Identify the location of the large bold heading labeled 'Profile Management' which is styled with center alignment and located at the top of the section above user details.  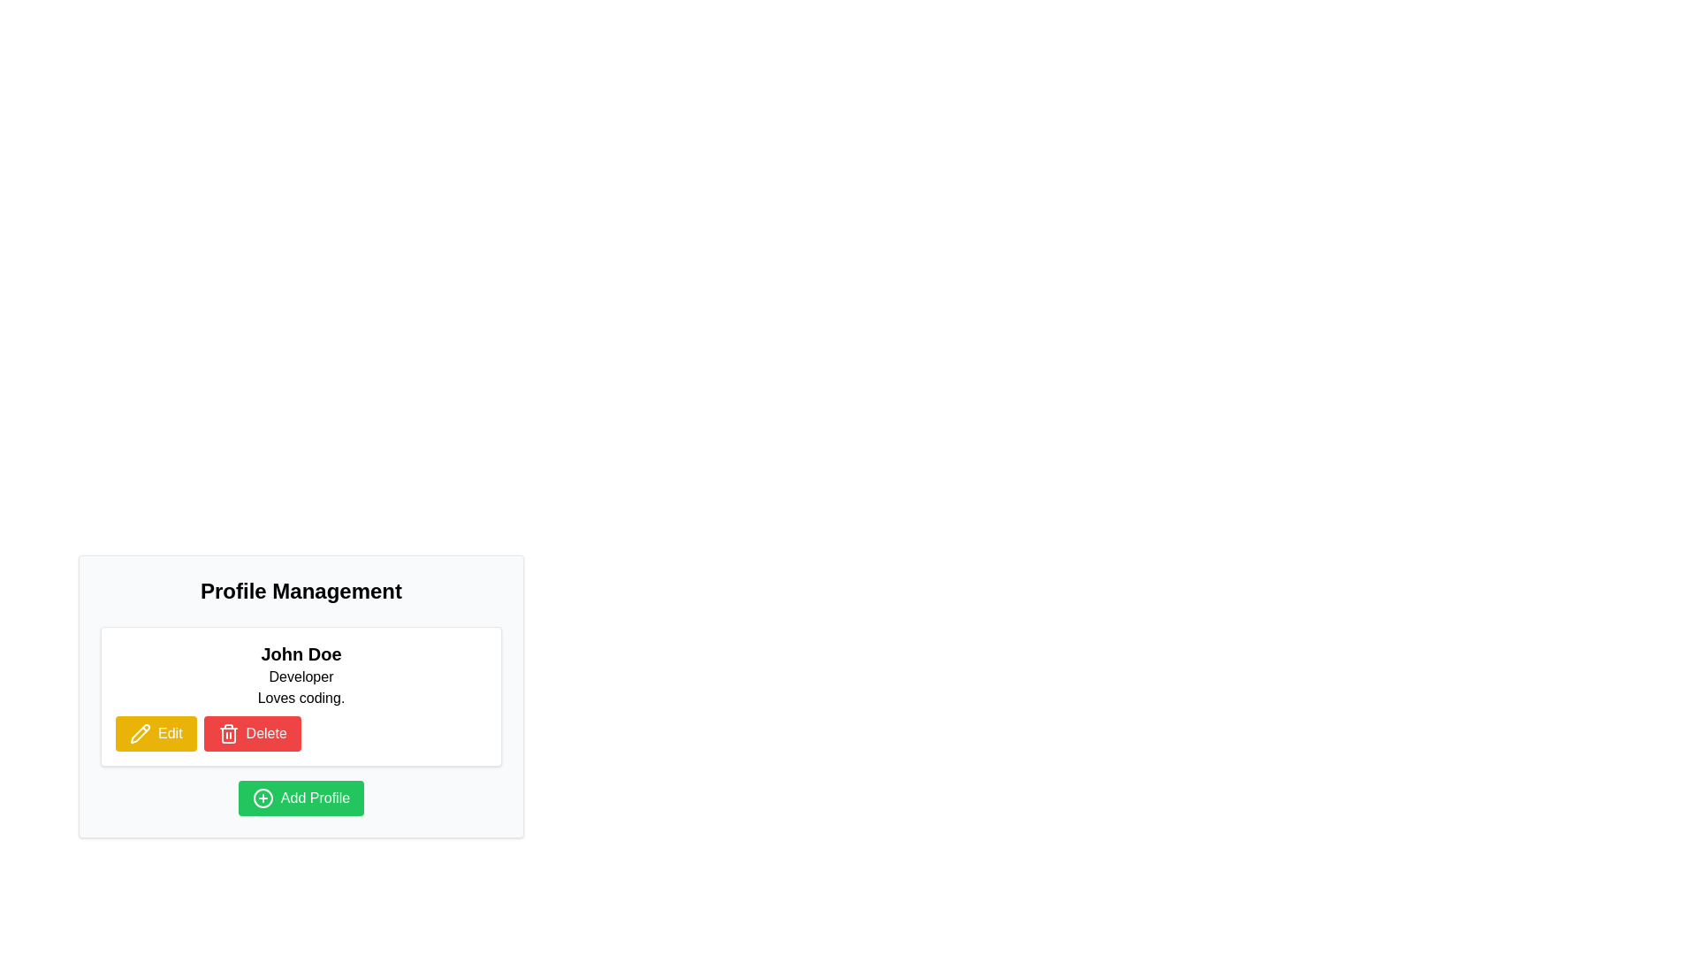
(301, 591).